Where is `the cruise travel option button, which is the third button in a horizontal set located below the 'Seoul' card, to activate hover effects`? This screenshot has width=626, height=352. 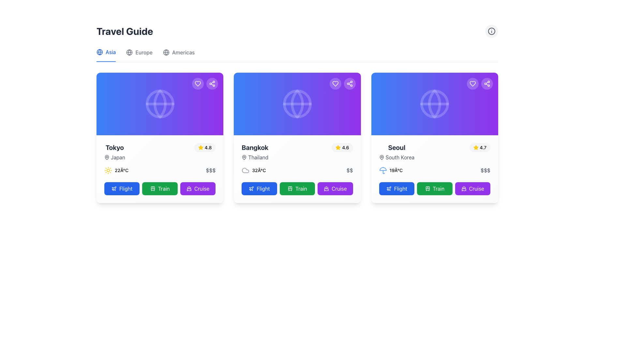 the cruise travel option button, which is the third button in a horizontal set located below the 'Seoul' card, to activate hover effects is located at coordinates (472, 188).